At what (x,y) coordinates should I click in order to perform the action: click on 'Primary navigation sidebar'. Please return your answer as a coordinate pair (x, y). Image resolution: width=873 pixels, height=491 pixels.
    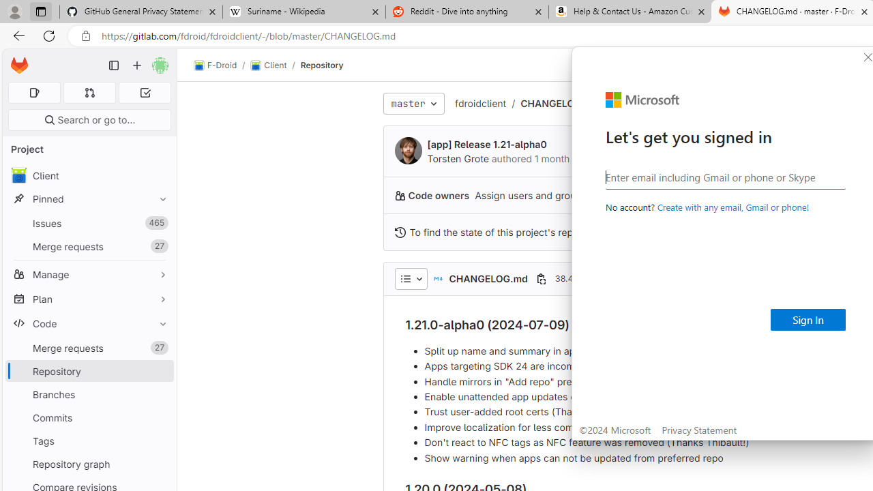
    Looking at the image, I should click on (114, 65).